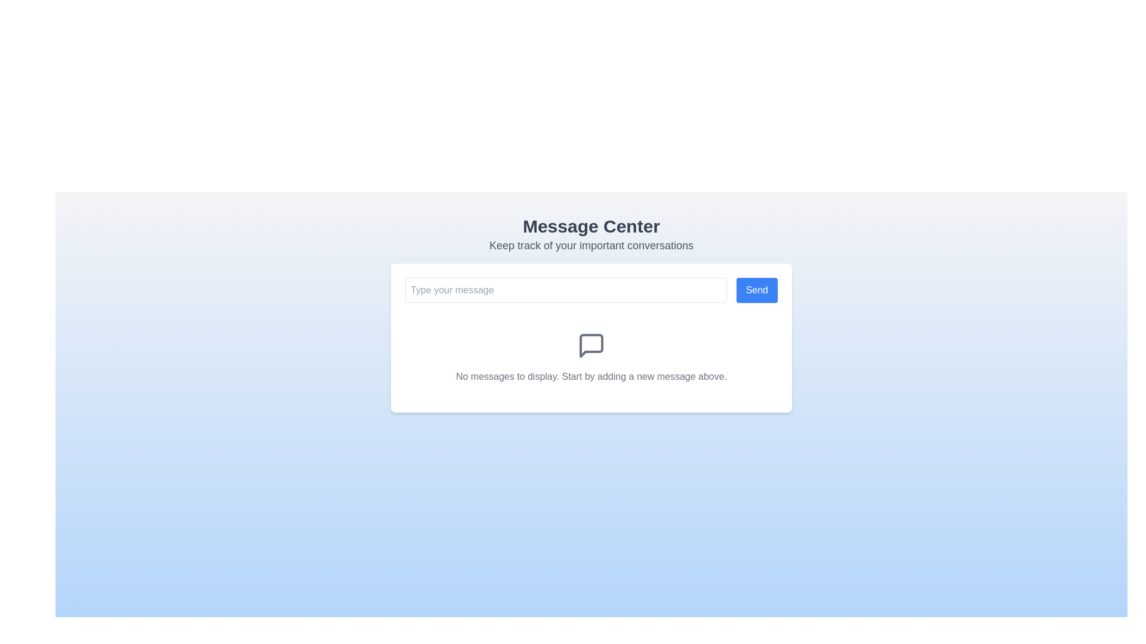 The width and height of the screenshot is (1146, 644). I want to click on the speech bubble icon that is centered above the 'No messages, so click(591, 345).